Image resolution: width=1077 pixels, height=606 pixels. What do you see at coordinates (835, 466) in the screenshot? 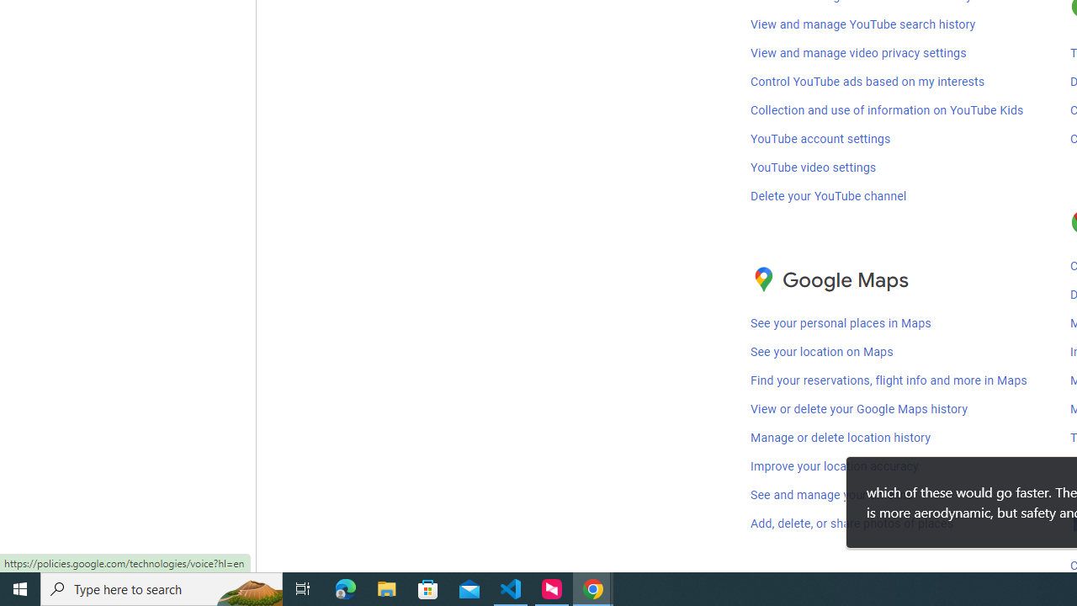
I see `'Improve your location accuracy'` at bounding box center [835, 466].